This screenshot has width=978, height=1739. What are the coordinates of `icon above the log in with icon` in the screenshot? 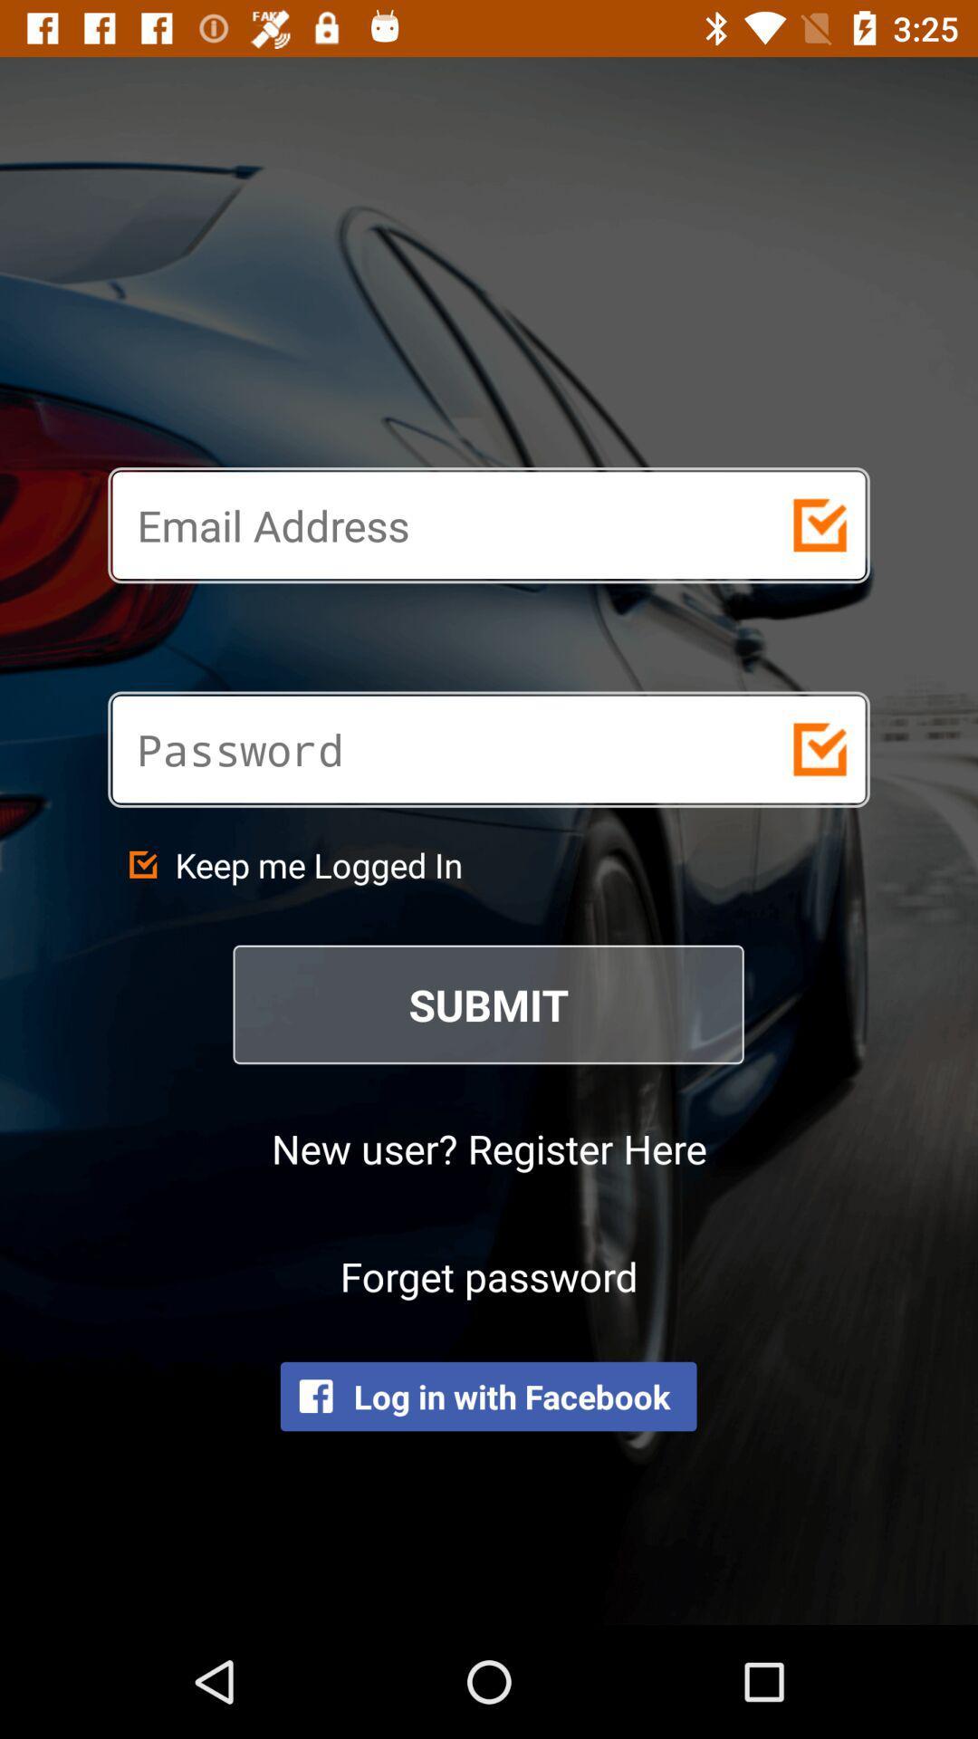 It's located at (489, 1274).